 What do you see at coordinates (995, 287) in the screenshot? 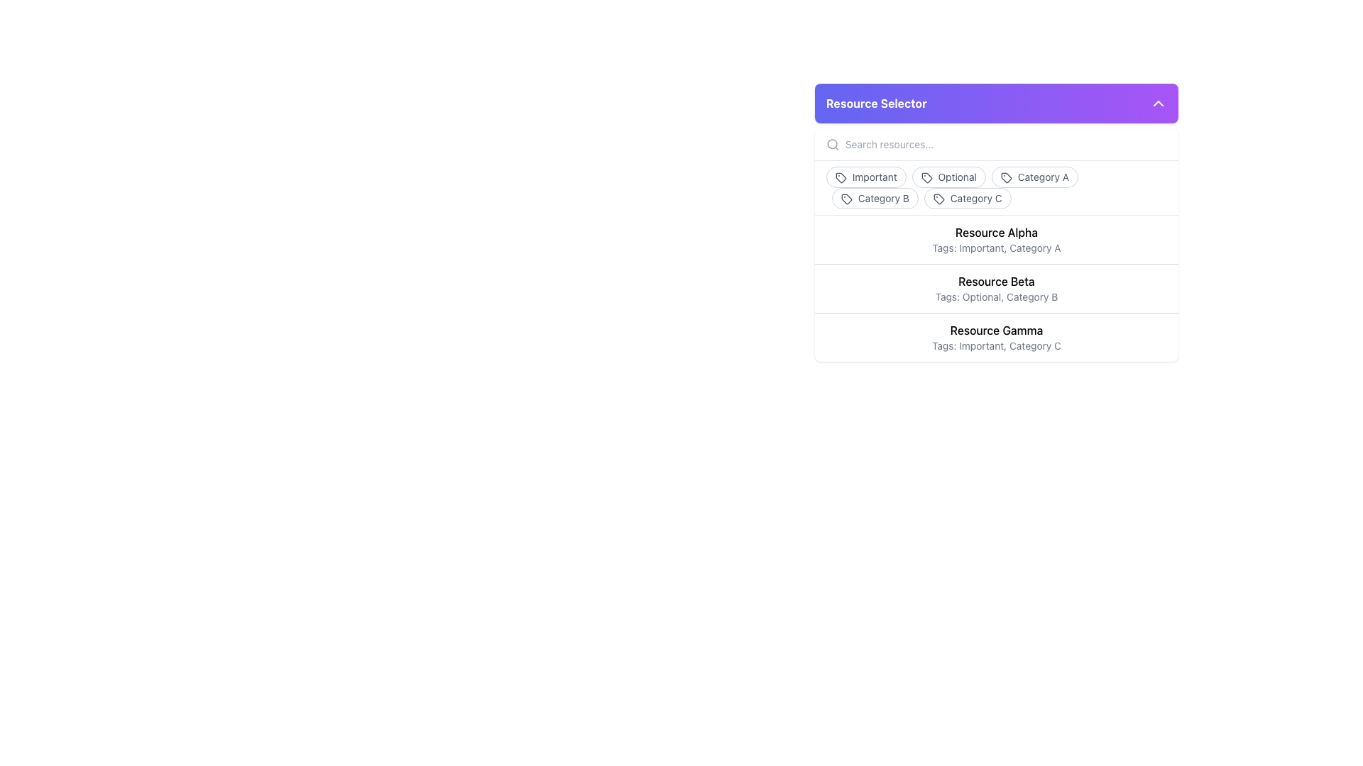
I see `the second item in the 'Resource Selector' dropdown list` at bounding box center [995, 287].